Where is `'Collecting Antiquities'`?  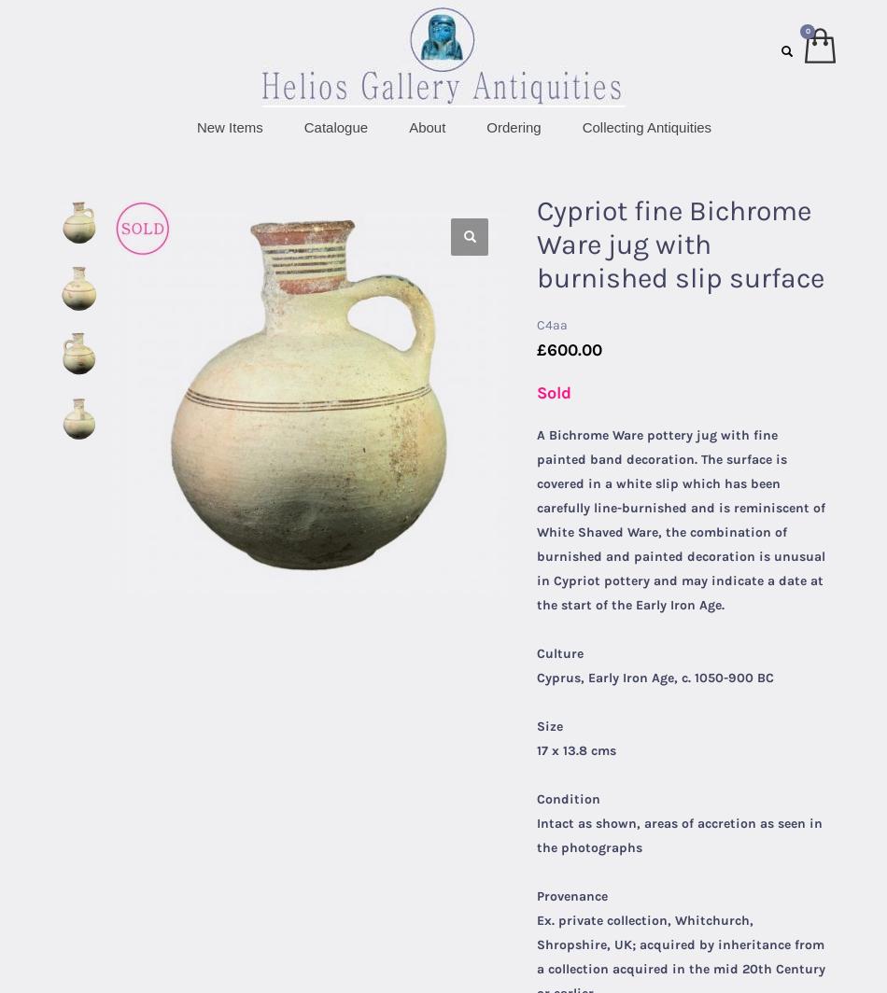 'Collecting Antiquities' is located at coordinates (646, 126).